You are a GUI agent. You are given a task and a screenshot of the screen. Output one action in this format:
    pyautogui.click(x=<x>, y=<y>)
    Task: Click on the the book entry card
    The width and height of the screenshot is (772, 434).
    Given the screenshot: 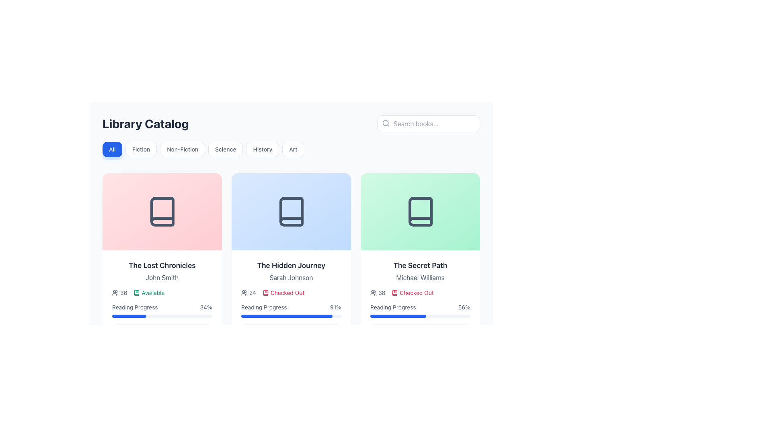 What is the action you would take?
    pyautogui.click(x=162, y=300)
    